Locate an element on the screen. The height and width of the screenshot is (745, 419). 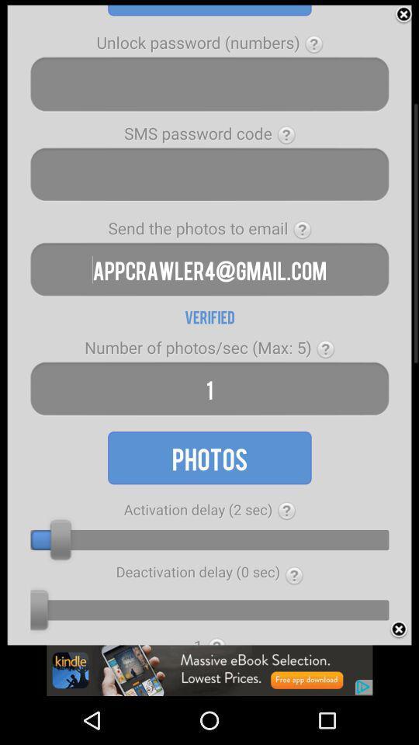
the help icon is located at coordinates (324, 373).